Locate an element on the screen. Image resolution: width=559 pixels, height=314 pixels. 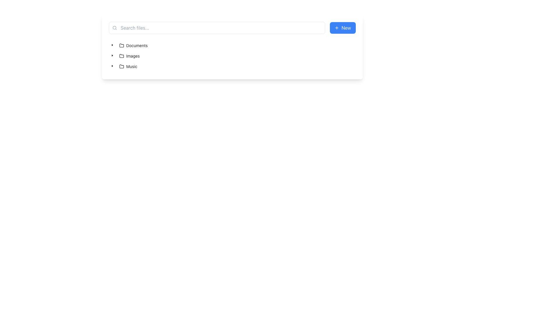
the 'Music' text label, which is the third item in a list of folder names, positioned to the right of an associated folder icon graphic is located at coordinates (131, 66).